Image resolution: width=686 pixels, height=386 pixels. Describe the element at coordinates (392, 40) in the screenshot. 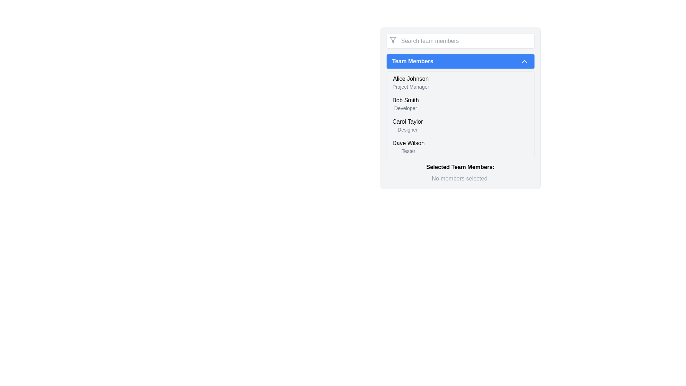

I see `the funnel-shaped filter icon with a gray color and outlined design, located to the left of the 'Search team members' input field` at that location.